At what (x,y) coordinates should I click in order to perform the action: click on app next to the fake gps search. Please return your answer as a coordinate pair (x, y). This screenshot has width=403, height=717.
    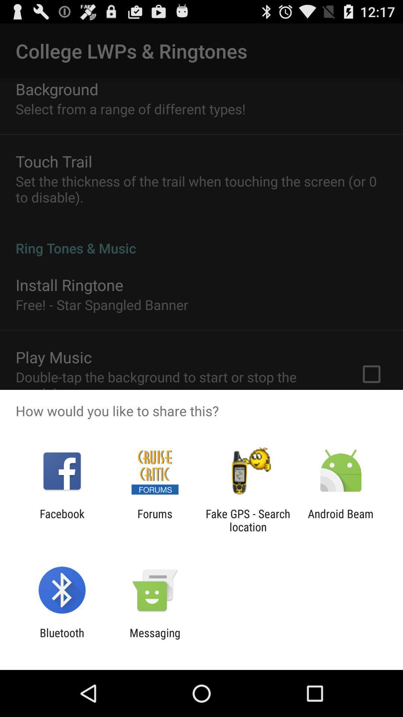
    Looking at the image, I should click on (154, 520).